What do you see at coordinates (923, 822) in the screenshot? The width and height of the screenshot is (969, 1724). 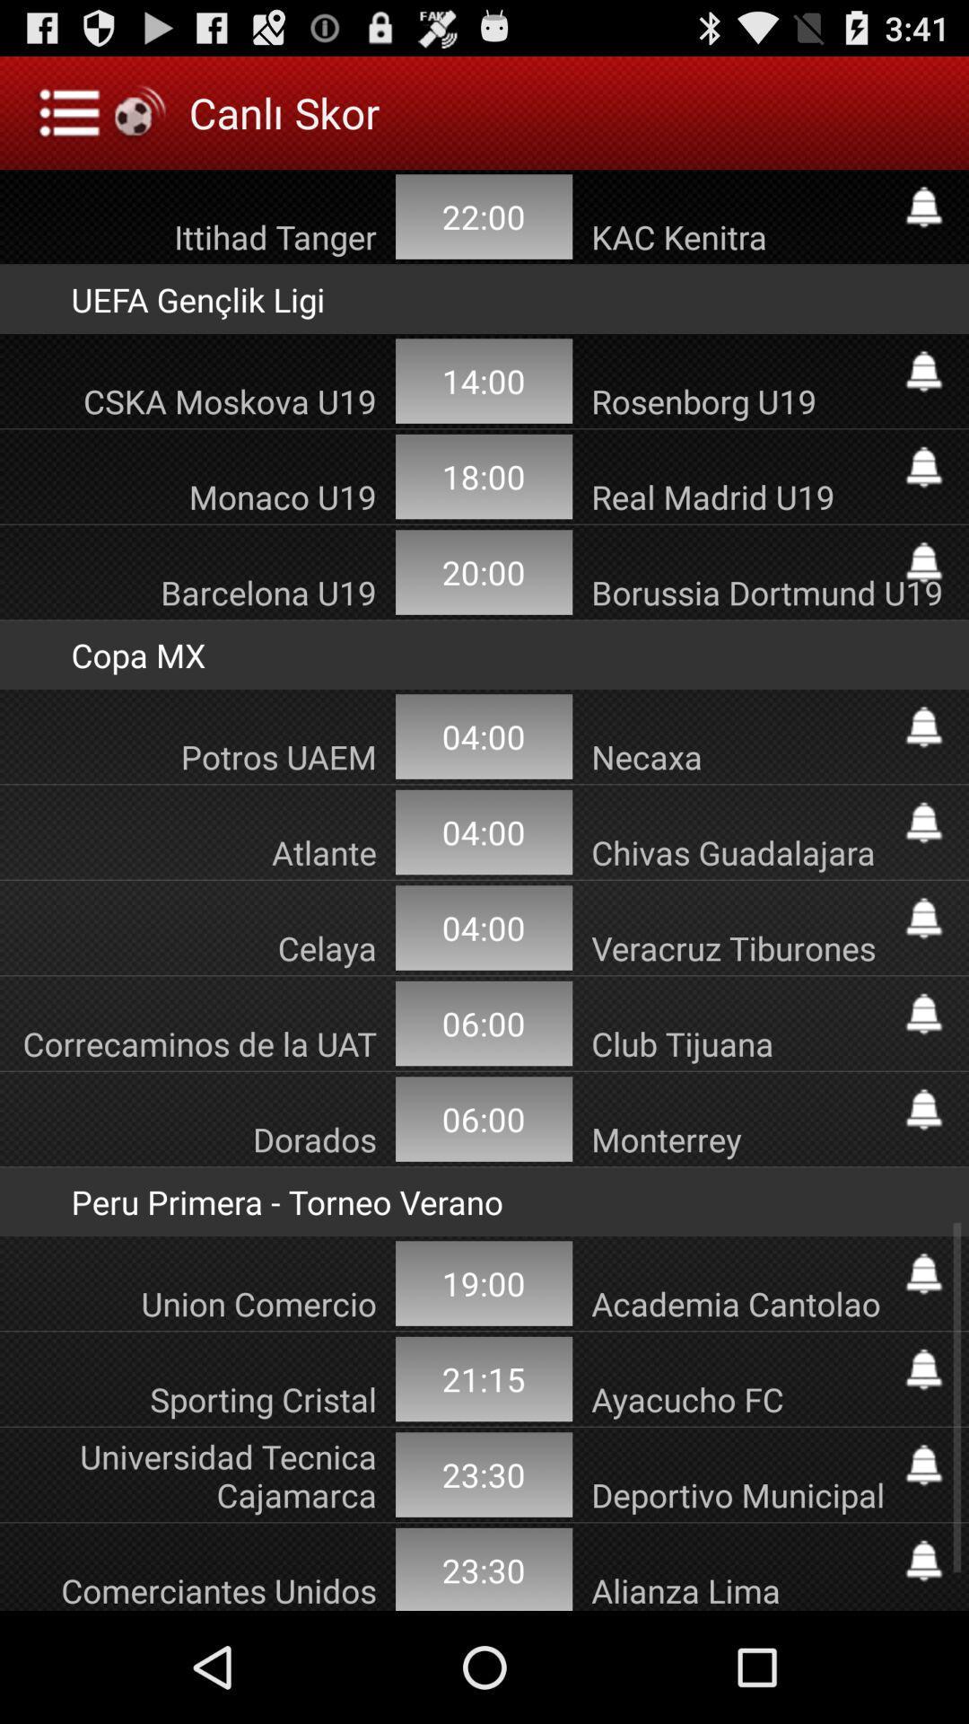 I see `shows bell icon` at bounding box center [923, 822].